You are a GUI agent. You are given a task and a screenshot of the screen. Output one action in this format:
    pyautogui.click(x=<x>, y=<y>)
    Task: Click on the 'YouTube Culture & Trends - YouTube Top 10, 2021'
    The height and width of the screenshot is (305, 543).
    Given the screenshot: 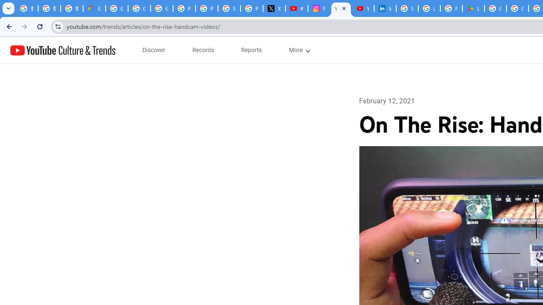 What is the action you would take?
    pyautogui.click(x=363, y=8)
    